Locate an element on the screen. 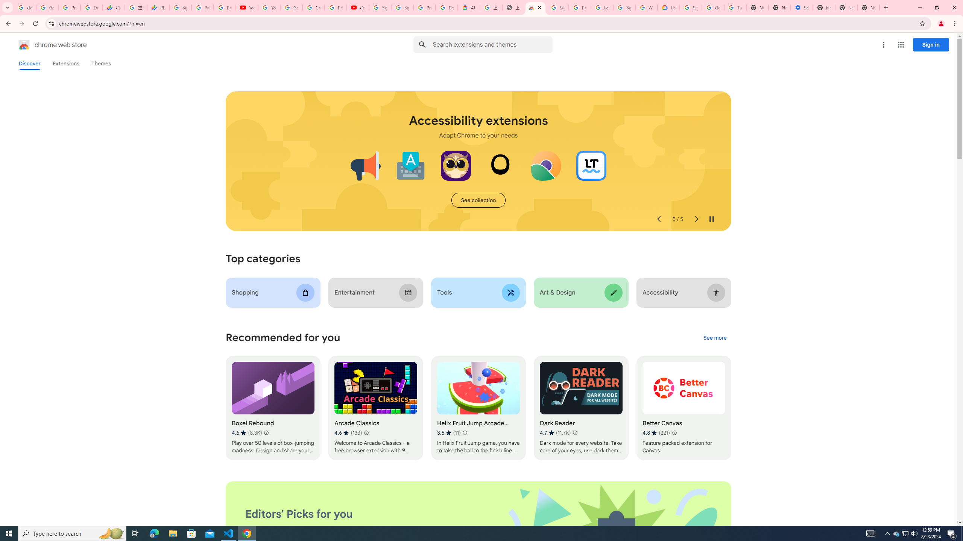  'Discover' is located at coordinates (29, 63).